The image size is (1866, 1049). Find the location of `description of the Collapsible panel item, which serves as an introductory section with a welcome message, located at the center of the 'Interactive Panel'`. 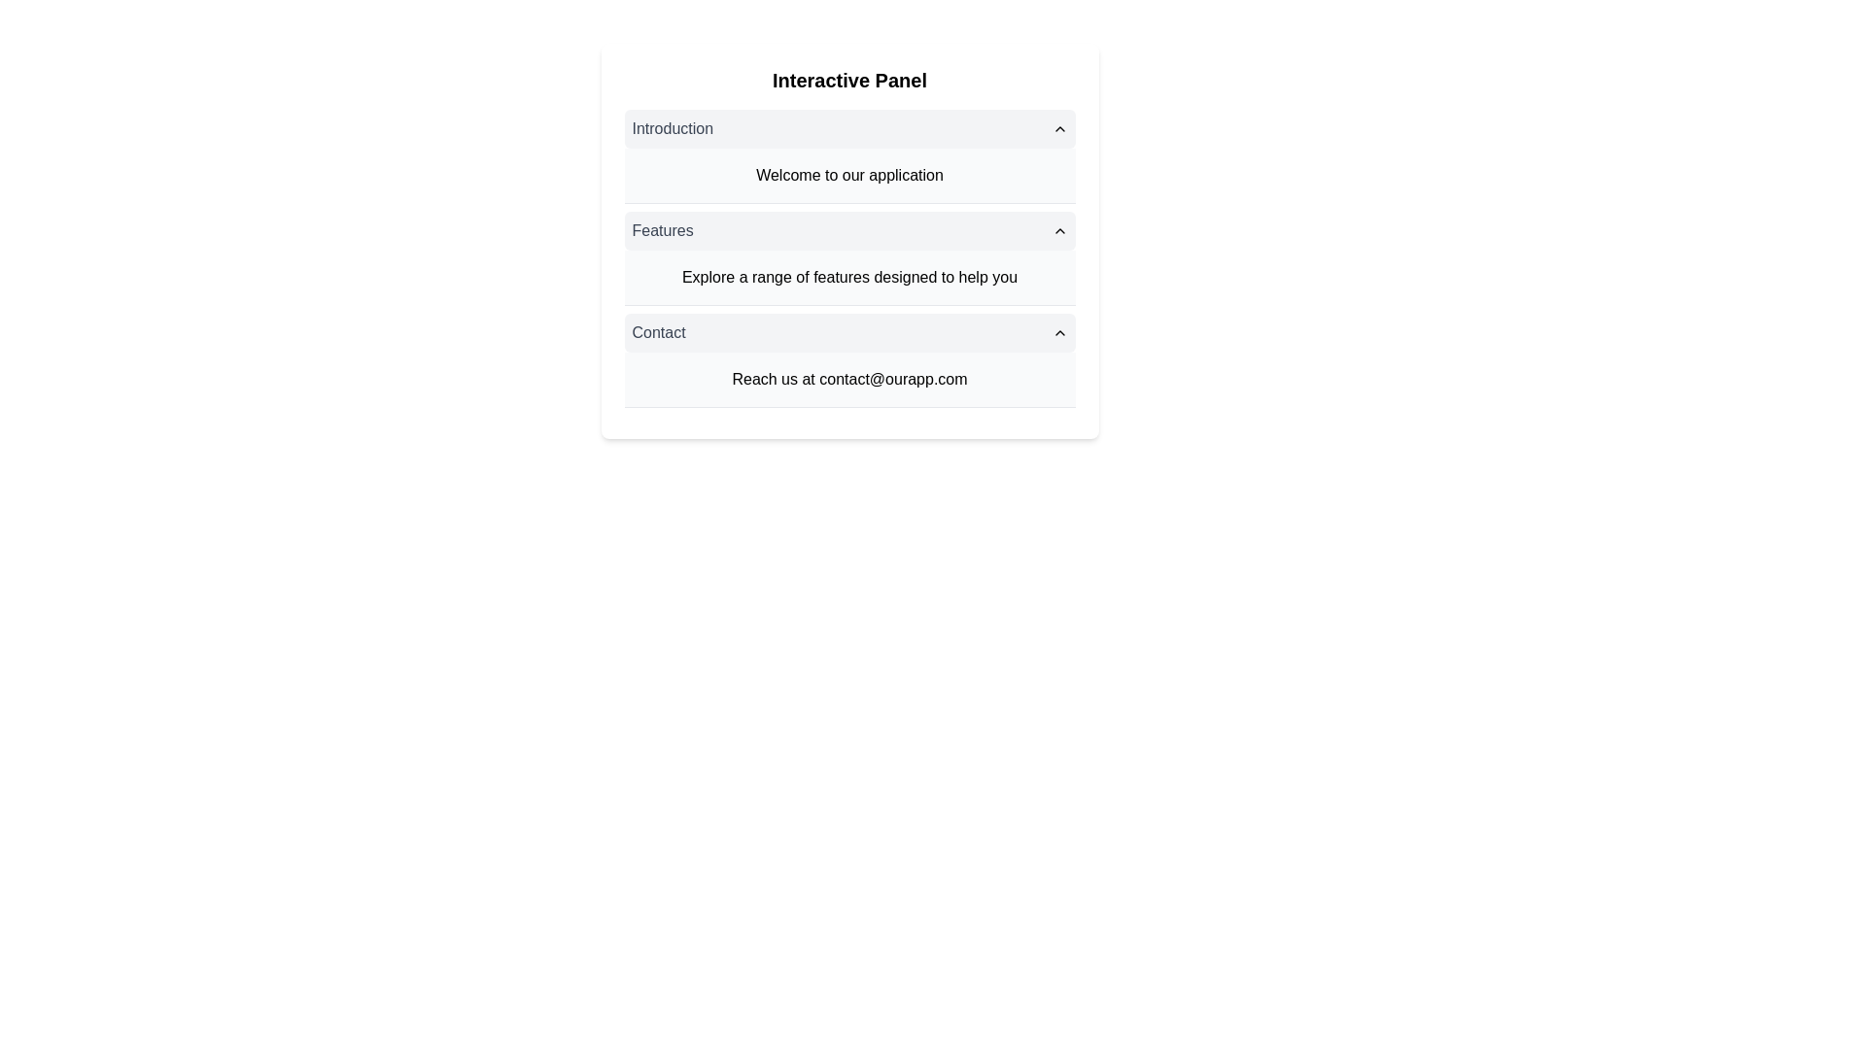

description of the Collapsible panel item, which serves as an introductory section with a welcome message, located at the center of the 'Interactive Panel' is located at coordinates (849, 155).